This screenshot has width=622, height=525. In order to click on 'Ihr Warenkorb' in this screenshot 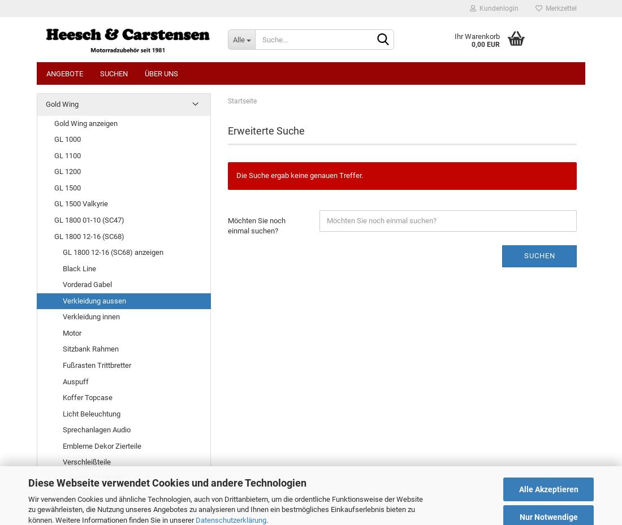, I will do `click(454, 36)`.